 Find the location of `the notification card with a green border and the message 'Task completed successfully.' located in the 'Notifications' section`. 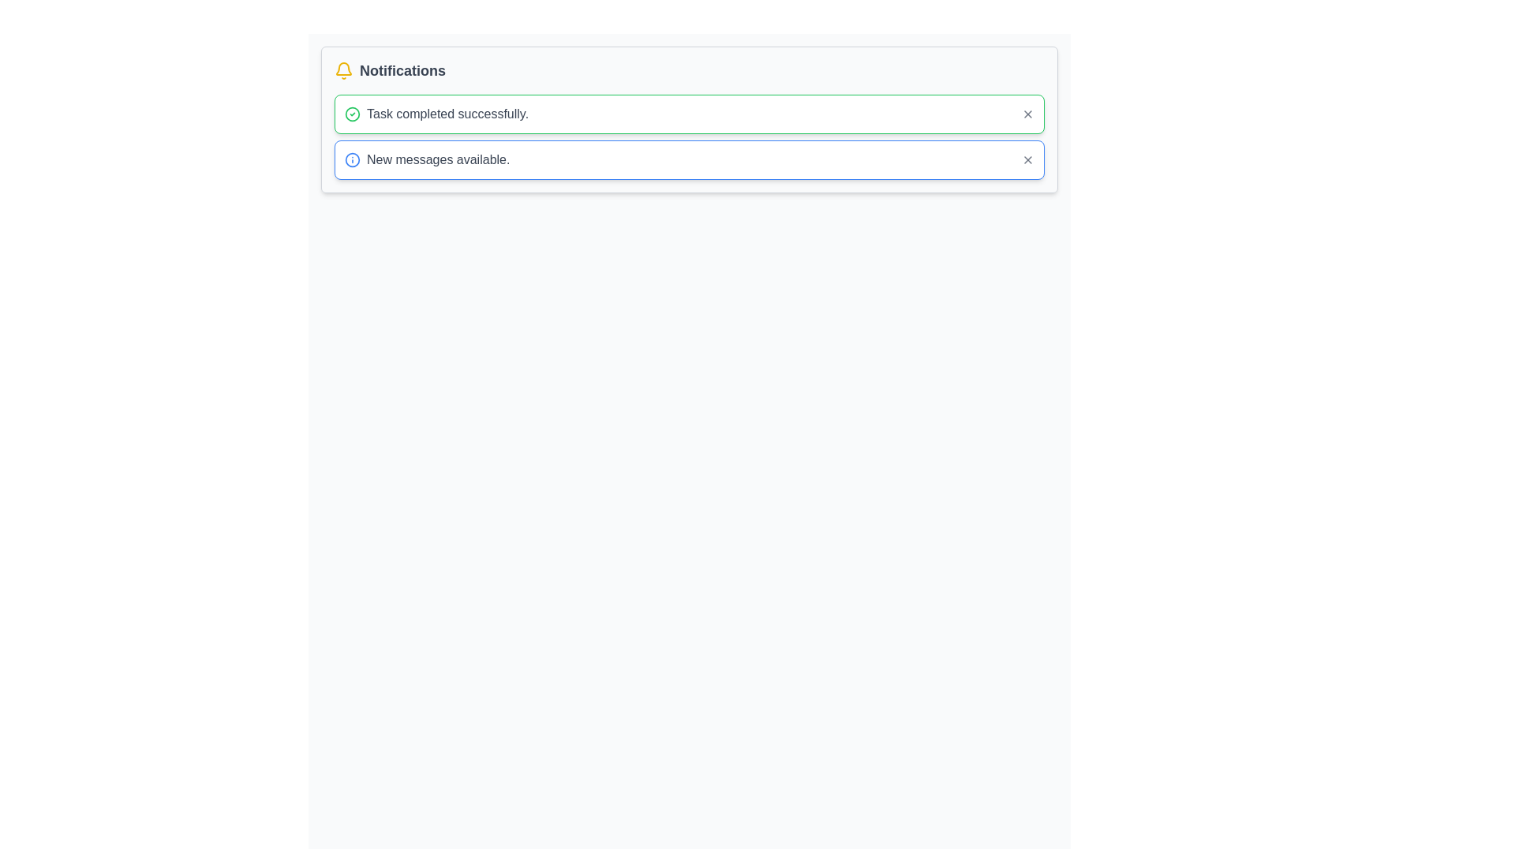

the notification card with a green border and the message 'Task completed successfully.' located in the 'Notifications' section is located at coordinates (689, 118).